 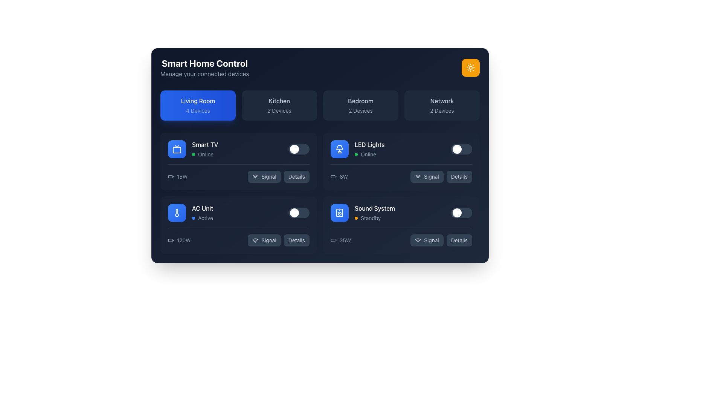 What do you see at coordinates (296, 177) in the screenshot?
I see `the 'Details' button located in the 'LED Lights' section of the 'Living Room' category to observe any hover effects` at bounding box center [296, 177].